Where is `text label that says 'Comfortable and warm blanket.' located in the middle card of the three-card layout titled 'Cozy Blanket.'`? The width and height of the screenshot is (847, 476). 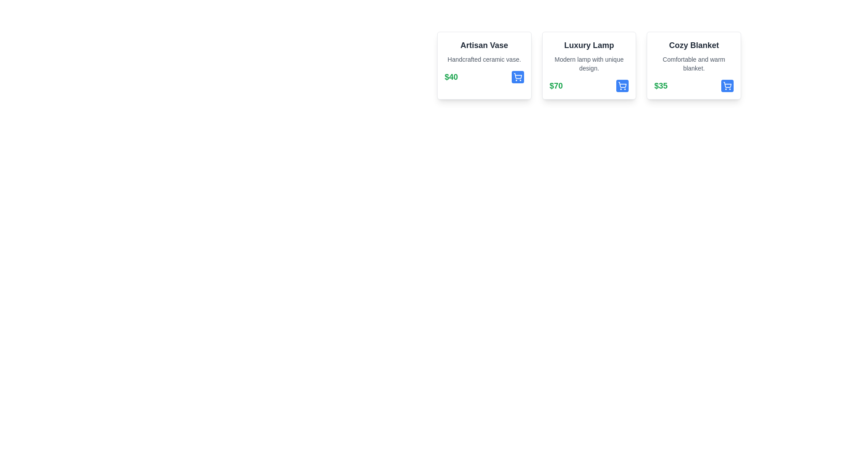
text label that says 'Comfortable and warm blanket.' located in the middle card of the three-card layout titled 'Cozy Blanket.' is located at coordinates (693, 63).